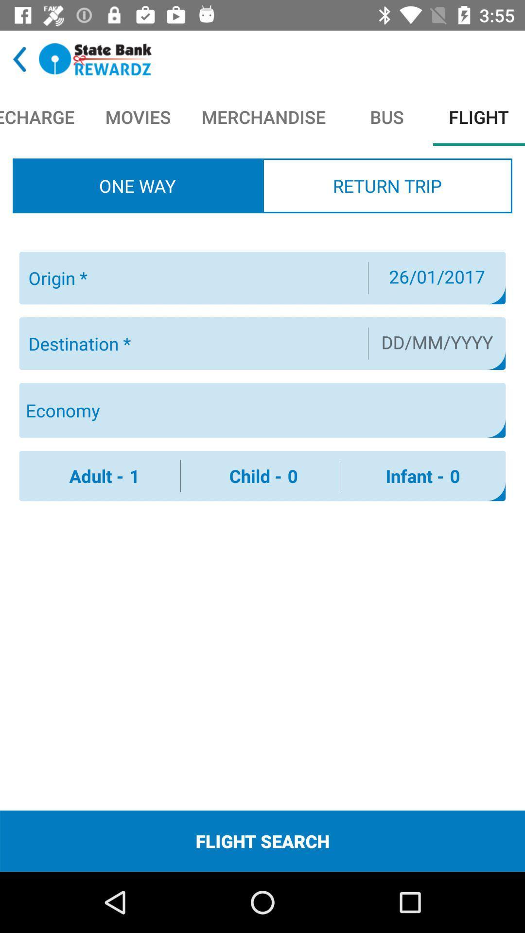 The image size is (525, 933). Describe the element at coordinates (192, 277) in the screenshot. I see `creat origin` at that location.